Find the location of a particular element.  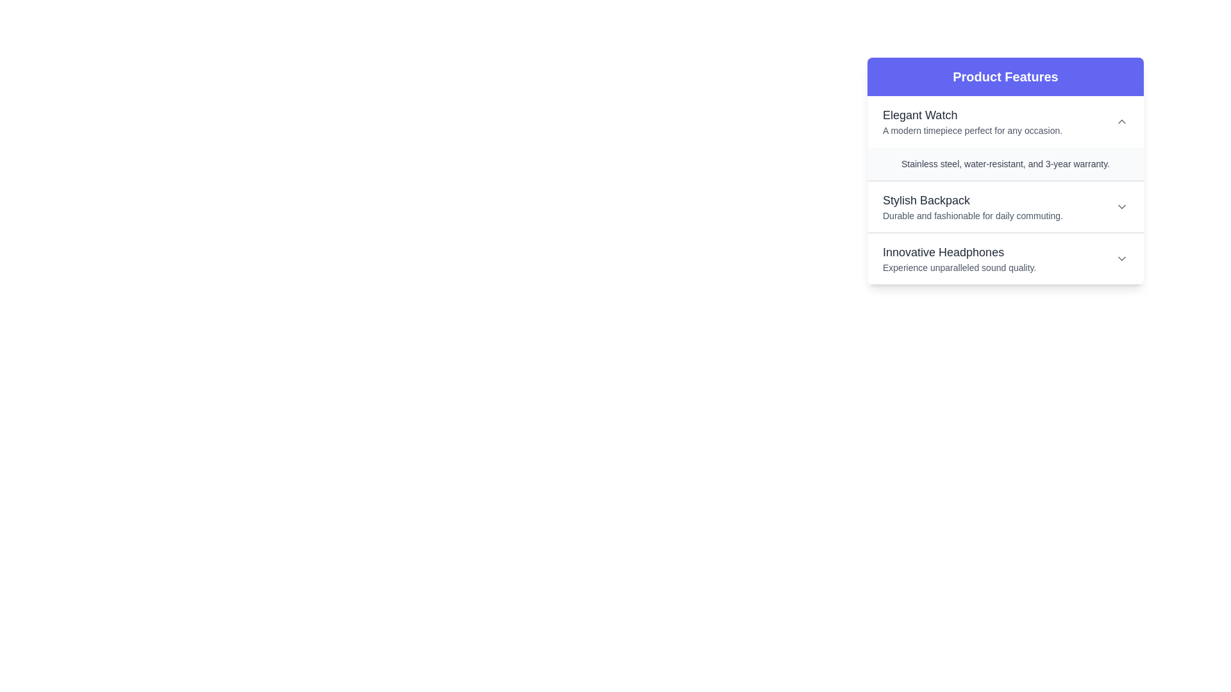

text block containing 'Stainless steel, water-resistant, and 3-year warranty.' located beneath the 'Elegant Watch' header in the 'Product Features' section is located at coordinates (1005, 163).